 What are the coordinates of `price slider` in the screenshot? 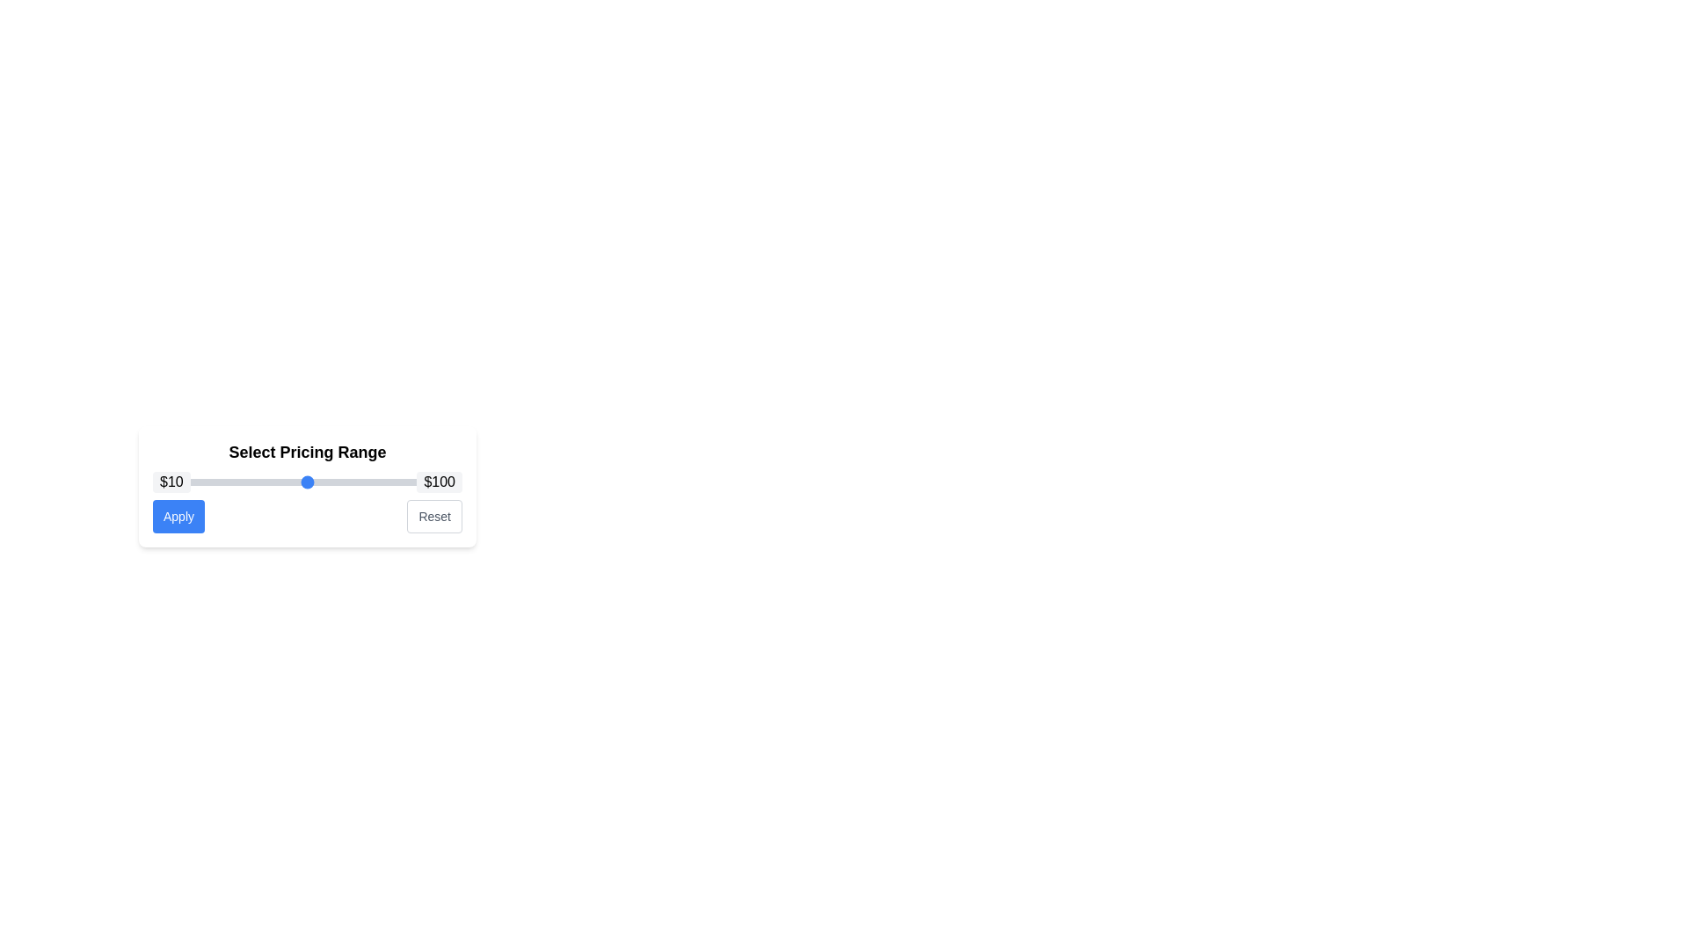 It's located at (346, 482).